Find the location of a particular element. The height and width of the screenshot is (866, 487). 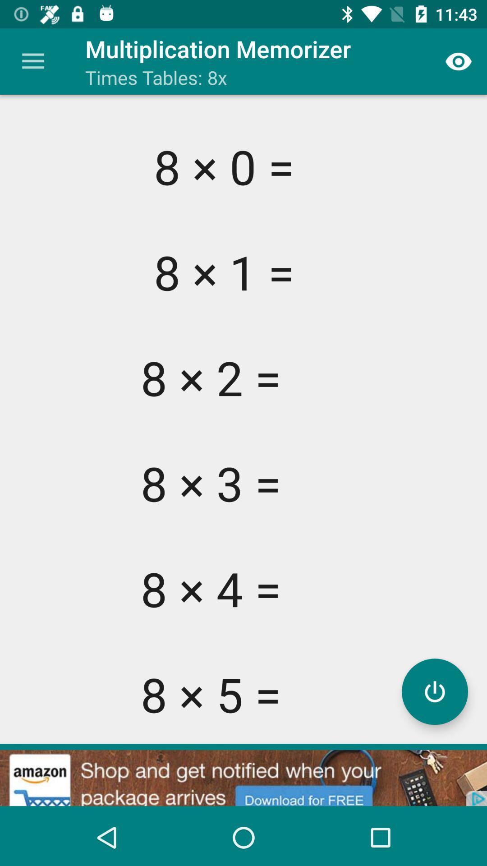

the power icon is located at coordinates (434, 691).